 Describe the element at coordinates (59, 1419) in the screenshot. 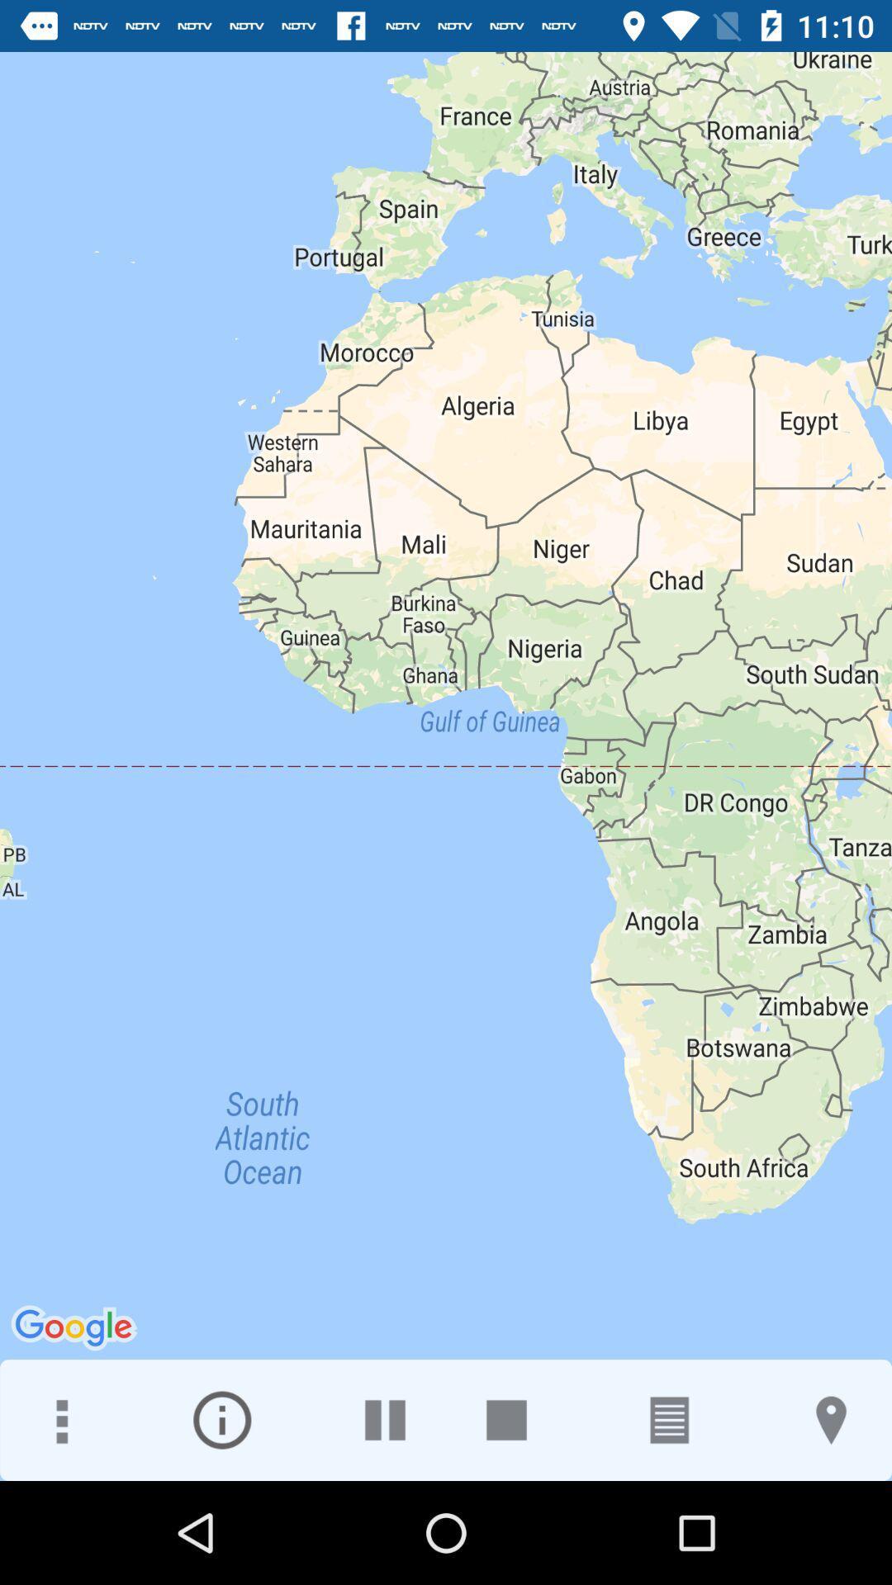

I see `the more icon` at that location.